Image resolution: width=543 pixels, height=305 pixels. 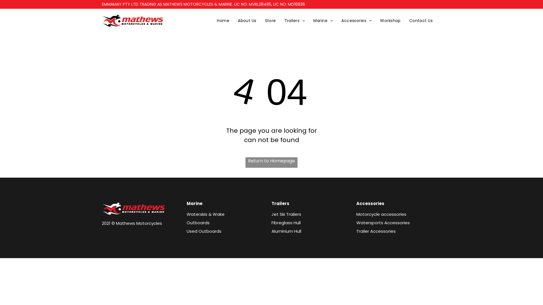 What do you see at coordinates (323, 20) in the screenshot?
I see `'Marine'` at bounding box center [323, 20].